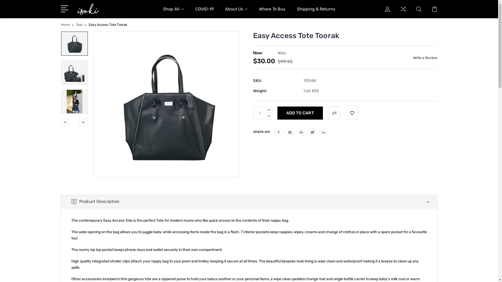  What do you see at coordinates (204, 12) in the screenshot?
I see `'COVID-19'` at bounding box center [204, 12].